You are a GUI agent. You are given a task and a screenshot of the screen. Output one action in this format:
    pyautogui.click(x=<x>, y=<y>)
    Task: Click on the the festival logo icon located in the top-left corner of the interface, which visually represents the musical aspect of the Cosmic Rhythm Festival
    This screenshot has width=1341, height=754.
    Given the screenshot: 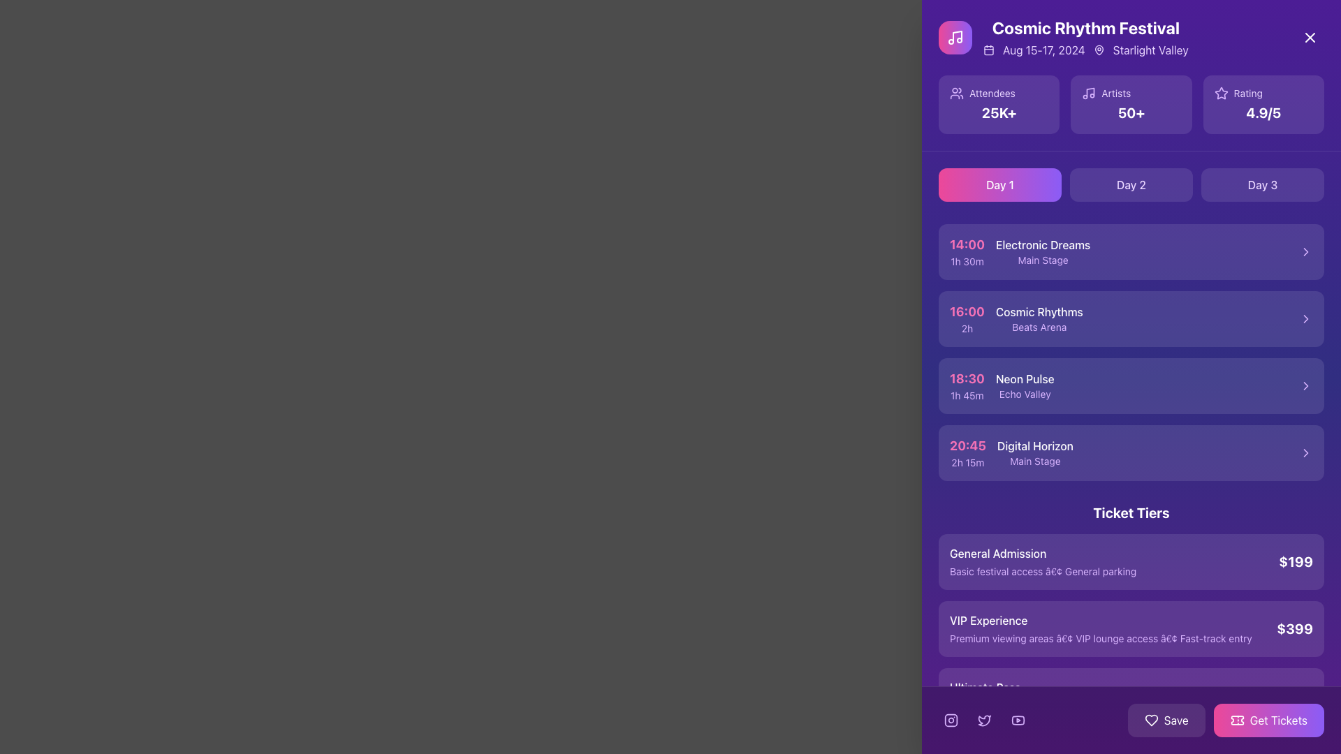 What is the action you would take?
    pyautogui.click(x=955, y=37)
    